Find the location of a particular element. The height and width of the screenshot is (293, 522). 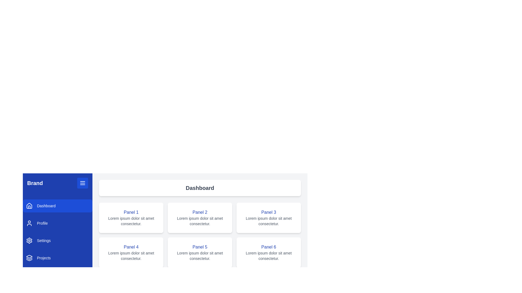

the Information panel titled 'Panel 2' which has a white background, rounded corners, and displays a subtitle in gray text is located at coordinates (200, 217).